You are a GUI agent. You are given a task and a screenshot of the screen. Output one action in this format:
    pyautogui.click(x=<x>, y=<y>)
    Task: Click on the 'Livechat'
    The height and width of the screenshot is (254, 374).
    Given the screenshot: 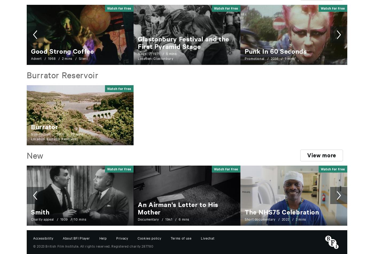 What is the action you would take?
    pyautogui.click(x=208, y=237)
    